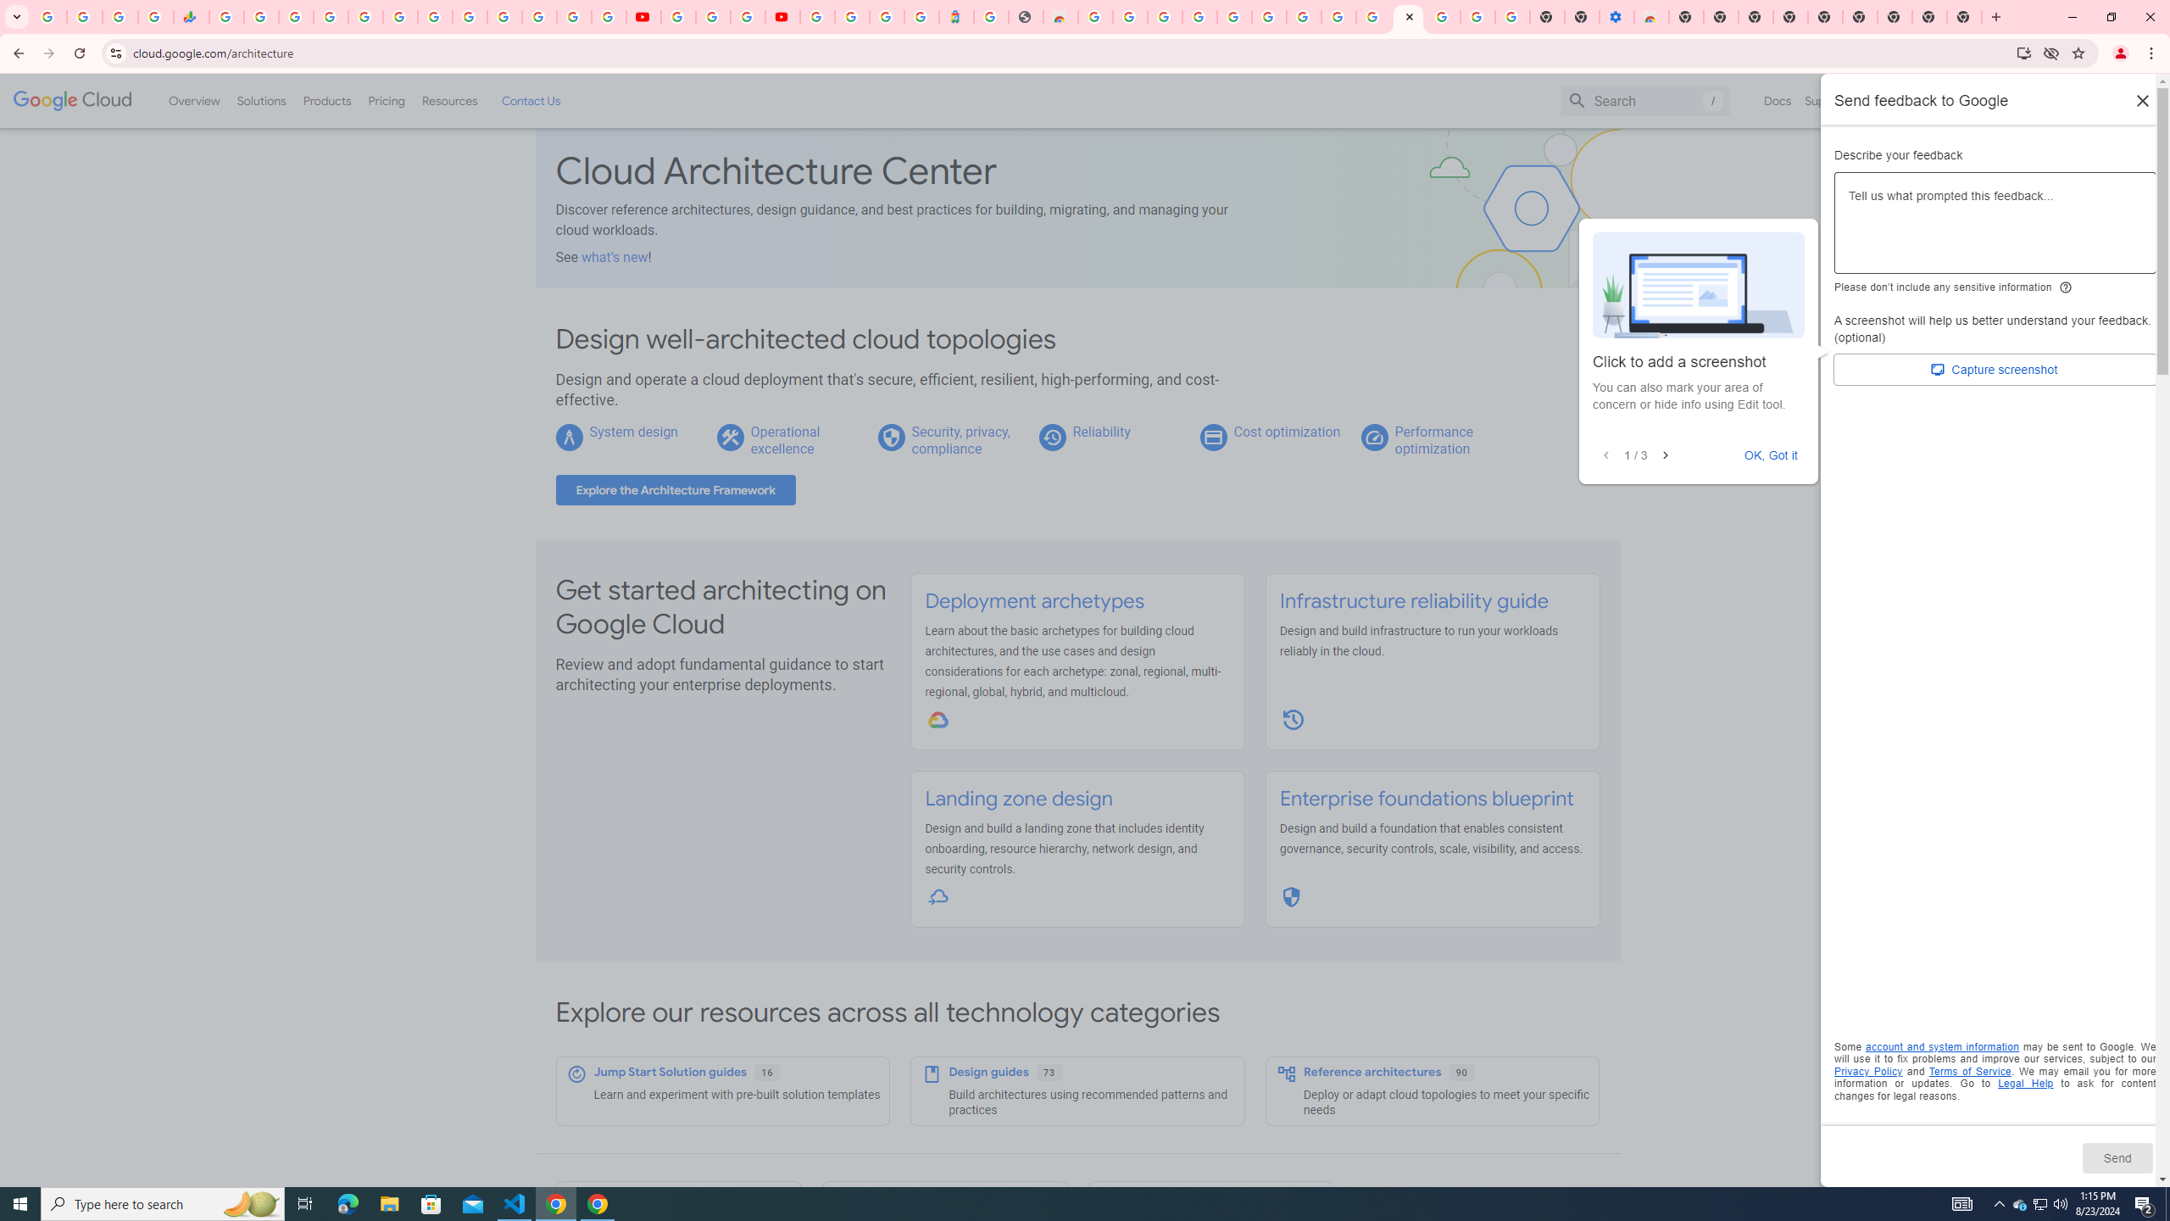  I want to click on 'Send', so click(2116, 1157).